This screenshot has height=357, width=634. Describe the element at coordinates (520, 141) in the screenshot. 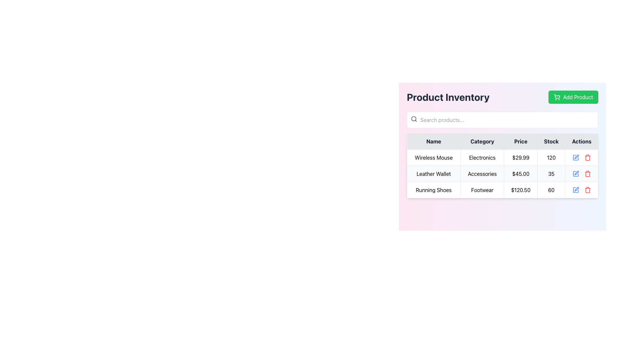

I see `the Price column header label that indicates the prices of the listed products in the table, which is the third entry in the header row, located between 'Category' and 'Stock'` at that location.